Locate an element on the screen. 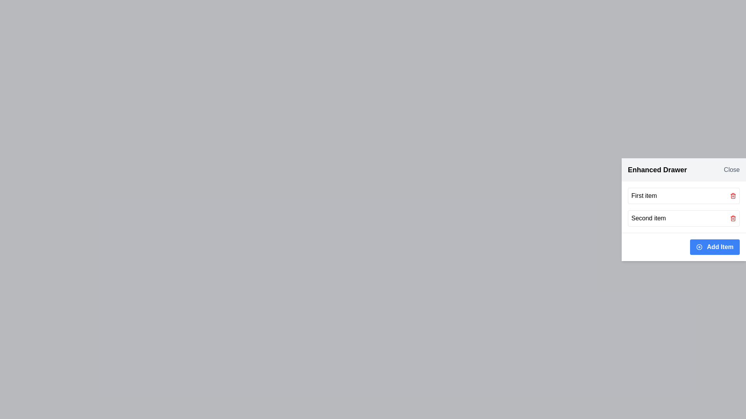 The image size is (746, 419). the add item button located at the bottom of the 'Enhanced Drawer' section to observe the hover style changes is located at coordinates (715, 247).